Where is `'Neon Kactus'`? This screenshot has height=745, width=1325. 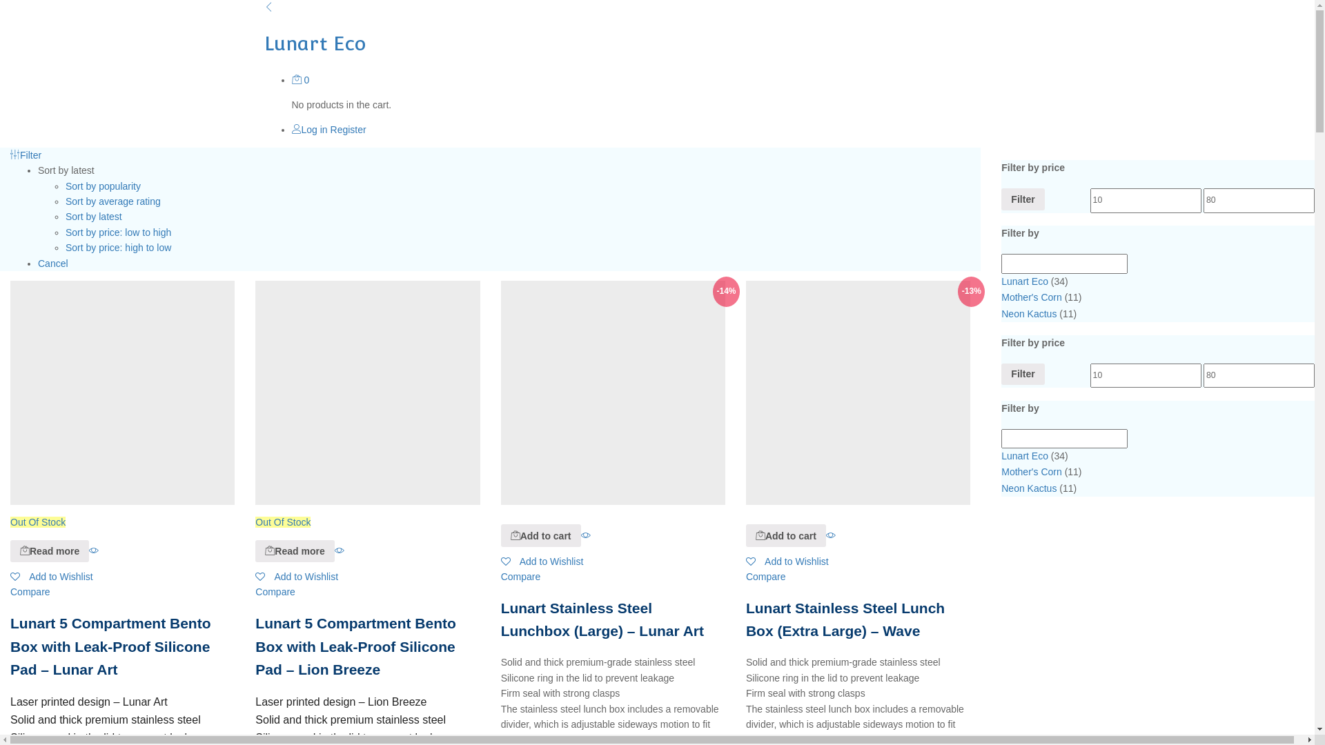
'Neon Kactus' is located at coordinates (1029, 314).